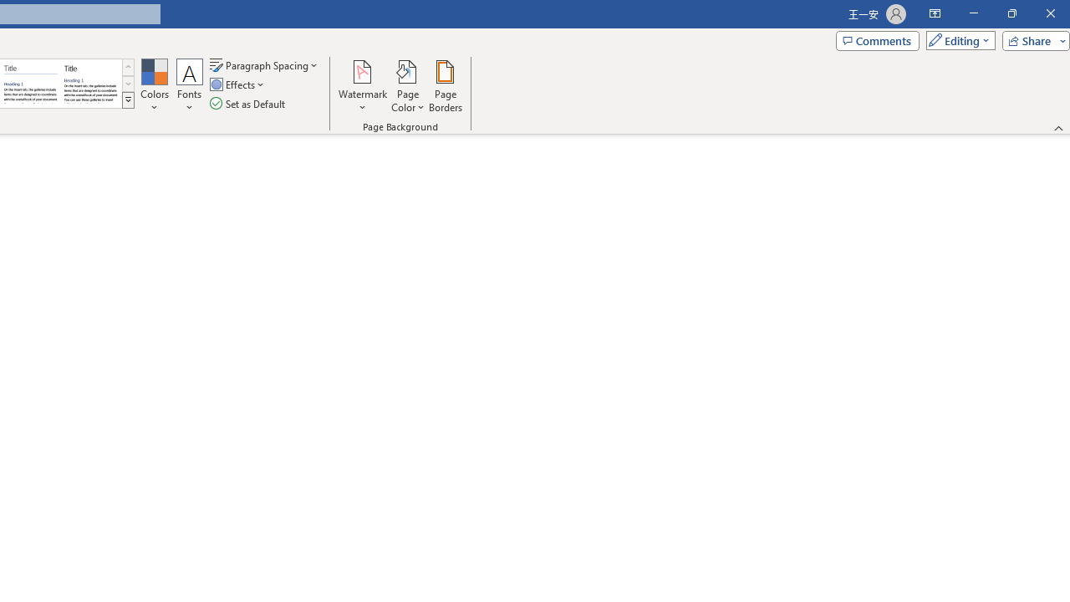 The height and width of the screenshot is (602, 1070). I want to click on 'Fonts', so click(190, 86).